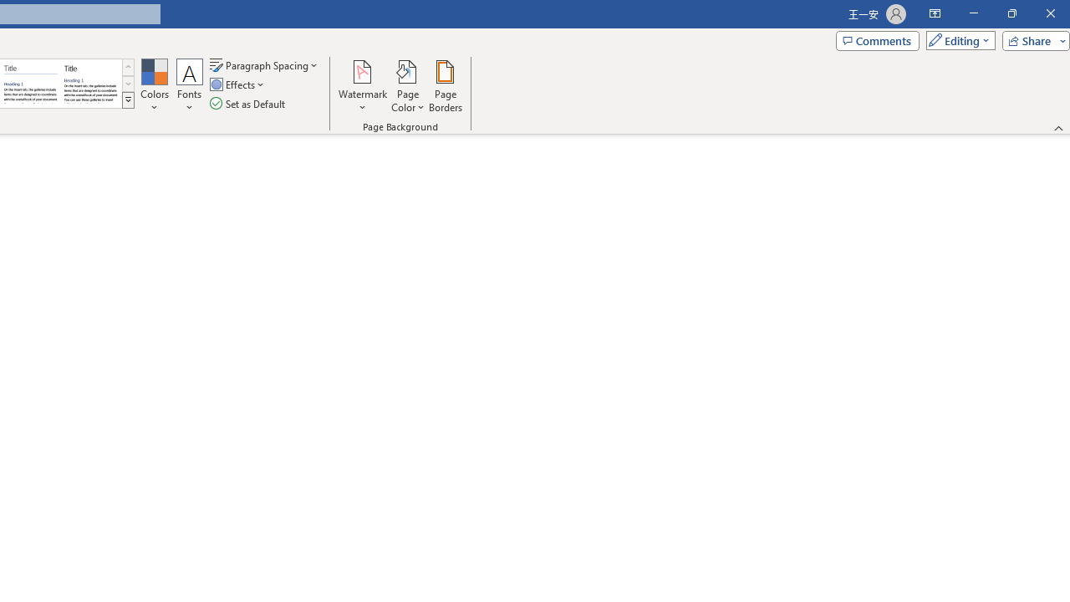 The height and width of the screenshot is (602, 1070). I want to click on 'Fonts', so click(190, 86).